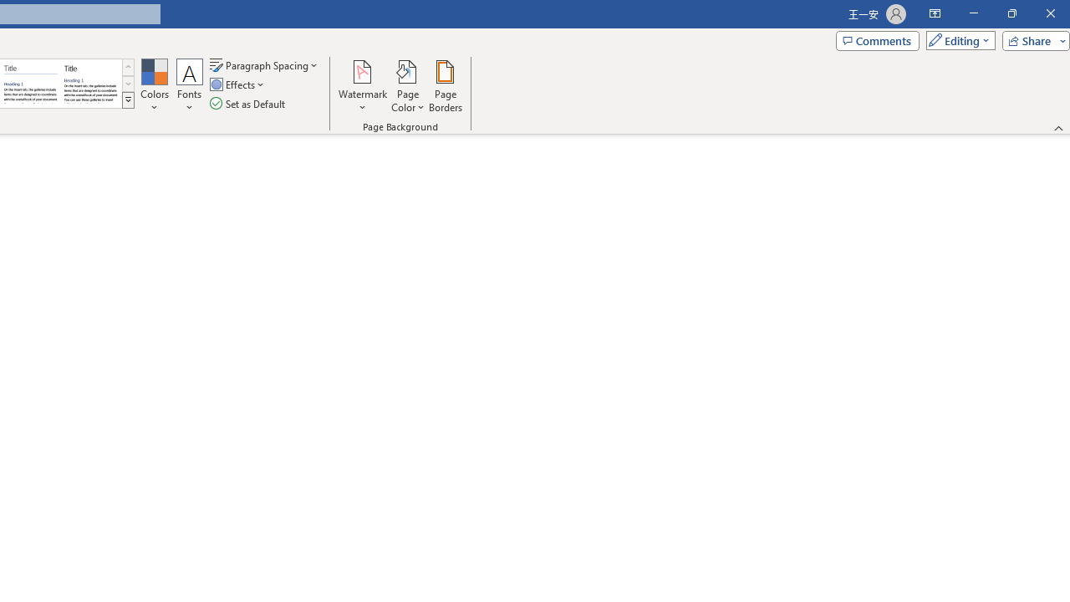 The height and width of the screenshot is (602, 1070). I want to click on 'Fonts', so click(190, 86).